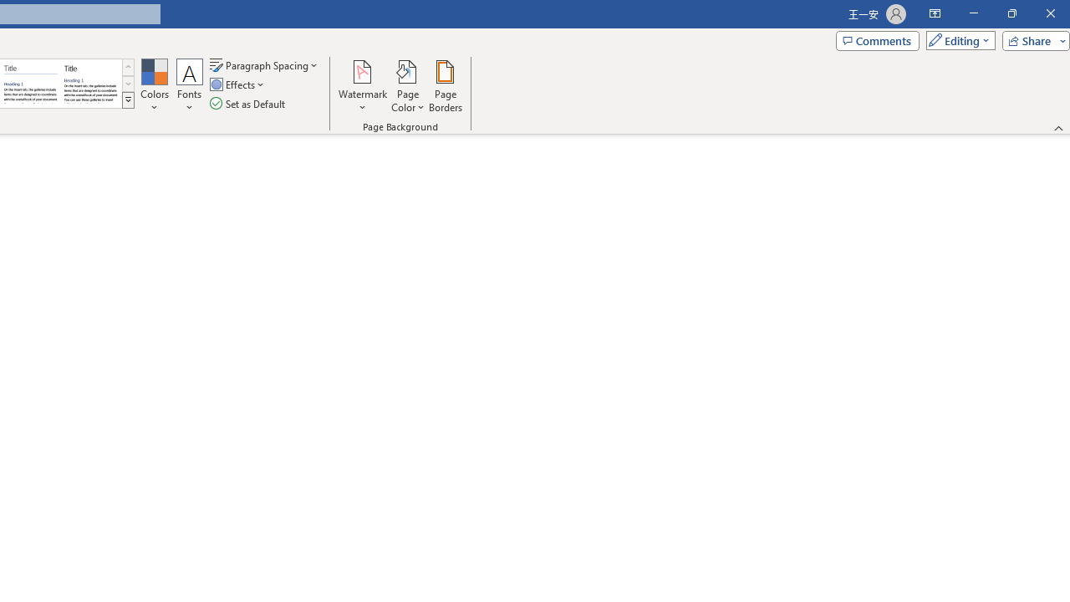 The height and width of the screenshot is (602, 1070). I want to click on 'Fonts', so click(190, 86).